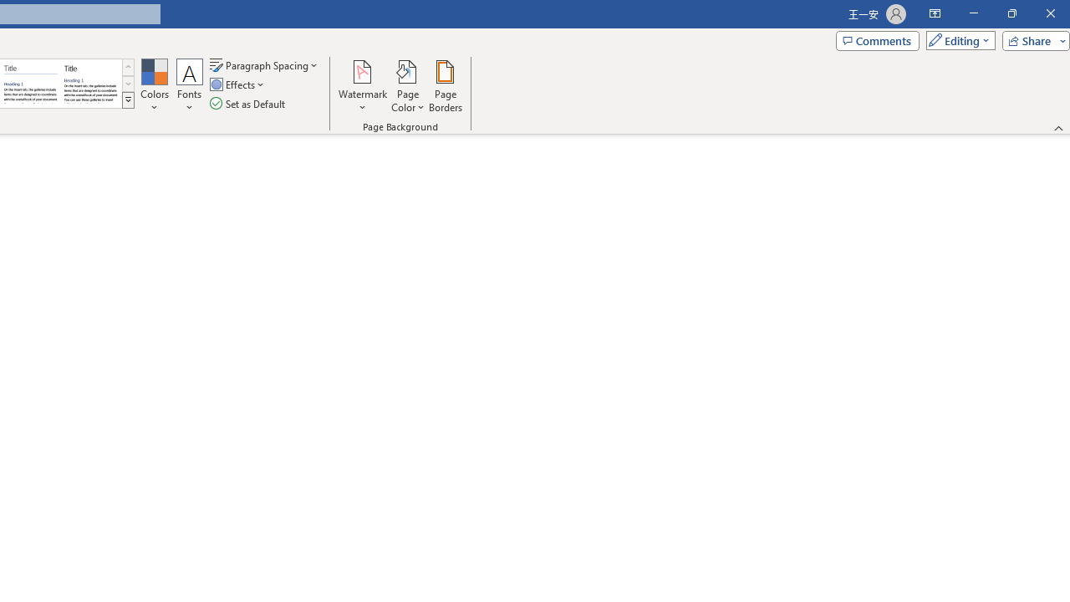 The height and width of the screenshot is (602, 1070). I want to click on 'Fonts', so click(190, 86).